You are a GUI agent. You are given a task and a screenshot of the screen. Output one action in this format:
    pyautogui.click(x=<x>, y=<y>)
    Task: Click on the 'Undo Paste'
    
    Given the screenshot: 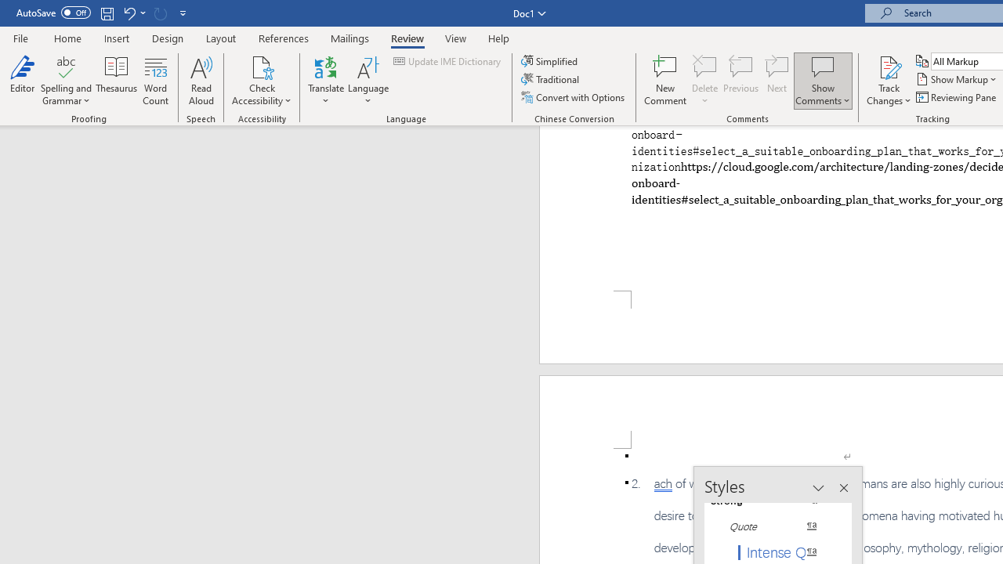 What is the action you would take?
    pyautogui.click(x=129, y=13)
    